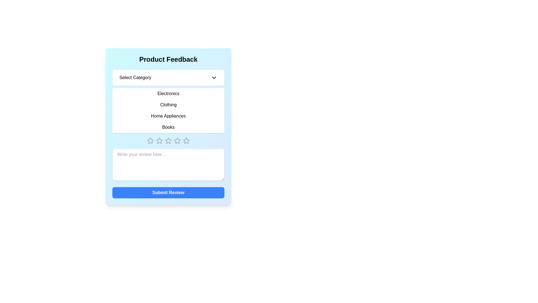 The height and width of the screenshot is (303, 538). I want to click on the third star icon in a horizontal row of five stars, which is part of a rating system, to trigger interaction effects, so click(159, 140).